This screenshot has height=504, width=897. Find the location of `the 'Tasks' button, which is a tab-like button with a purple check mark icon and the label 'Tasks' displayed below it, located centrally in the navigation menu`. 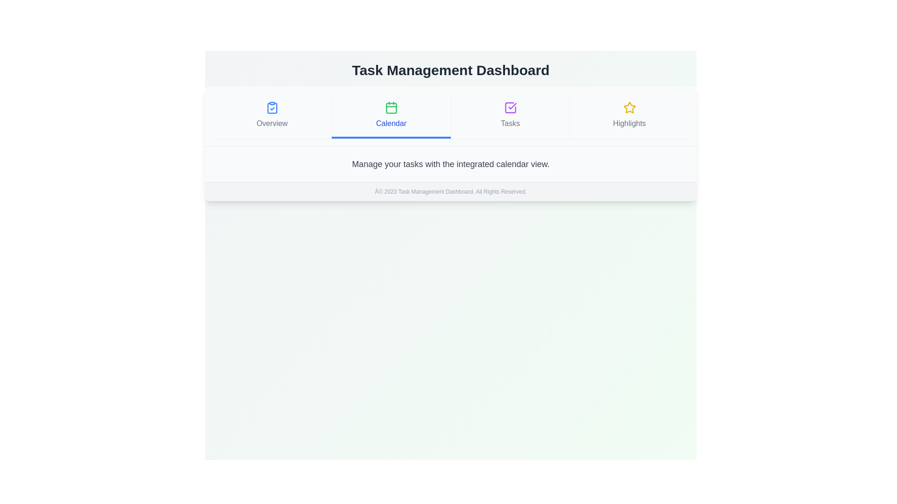

the 'Tasks' button, which is a tab-like button with a purple check mark icon and the label 'Tasks' displayed below it, located centrally in the navigation menu is located at coordinates (510, 116).